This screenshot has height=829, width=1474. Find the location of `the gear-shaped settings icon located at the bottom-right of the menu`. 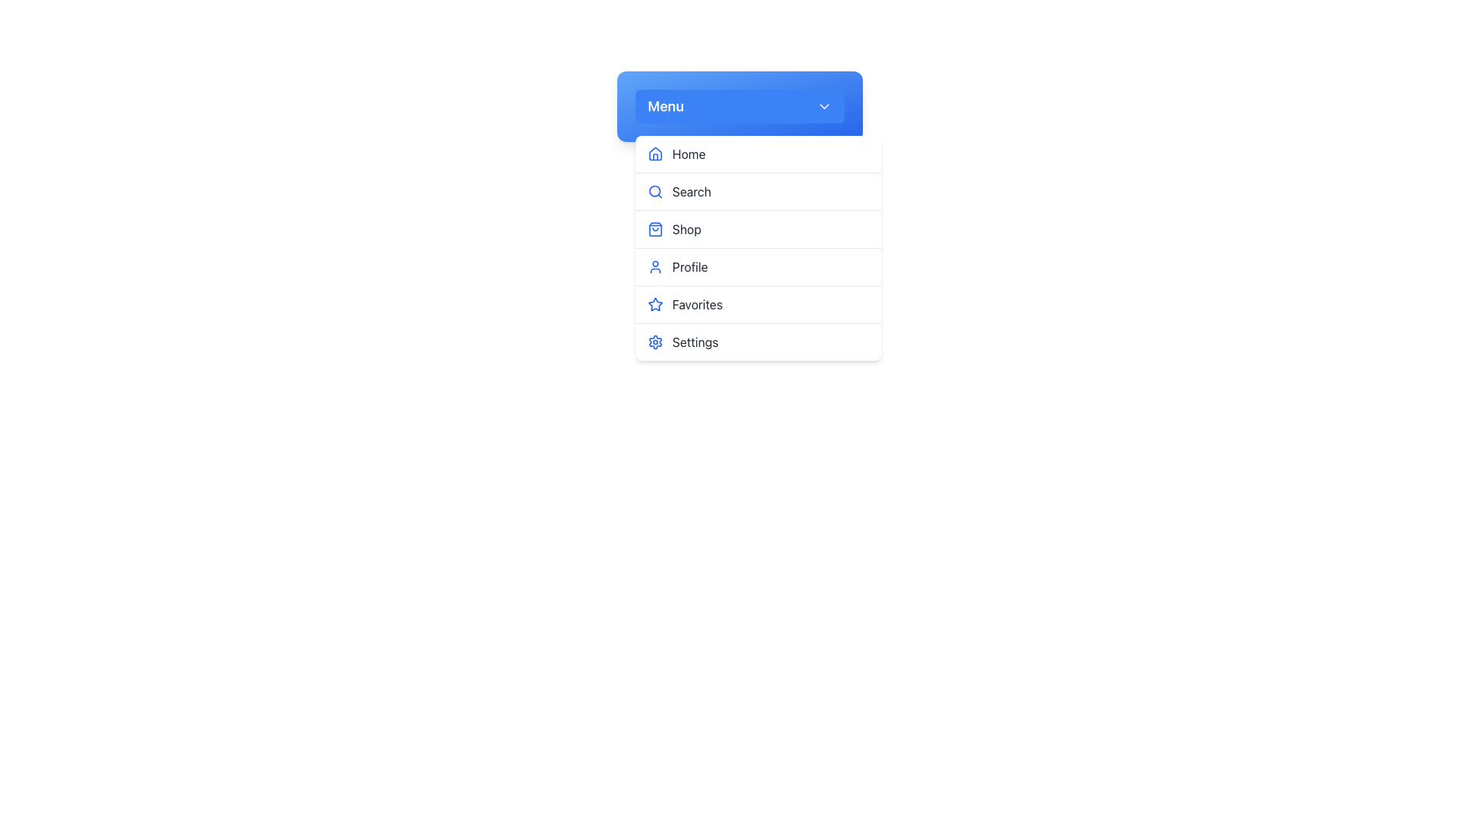

the gear-shaped settings icon located at the bottom-right of the menu is located at coordinates (656, 342).